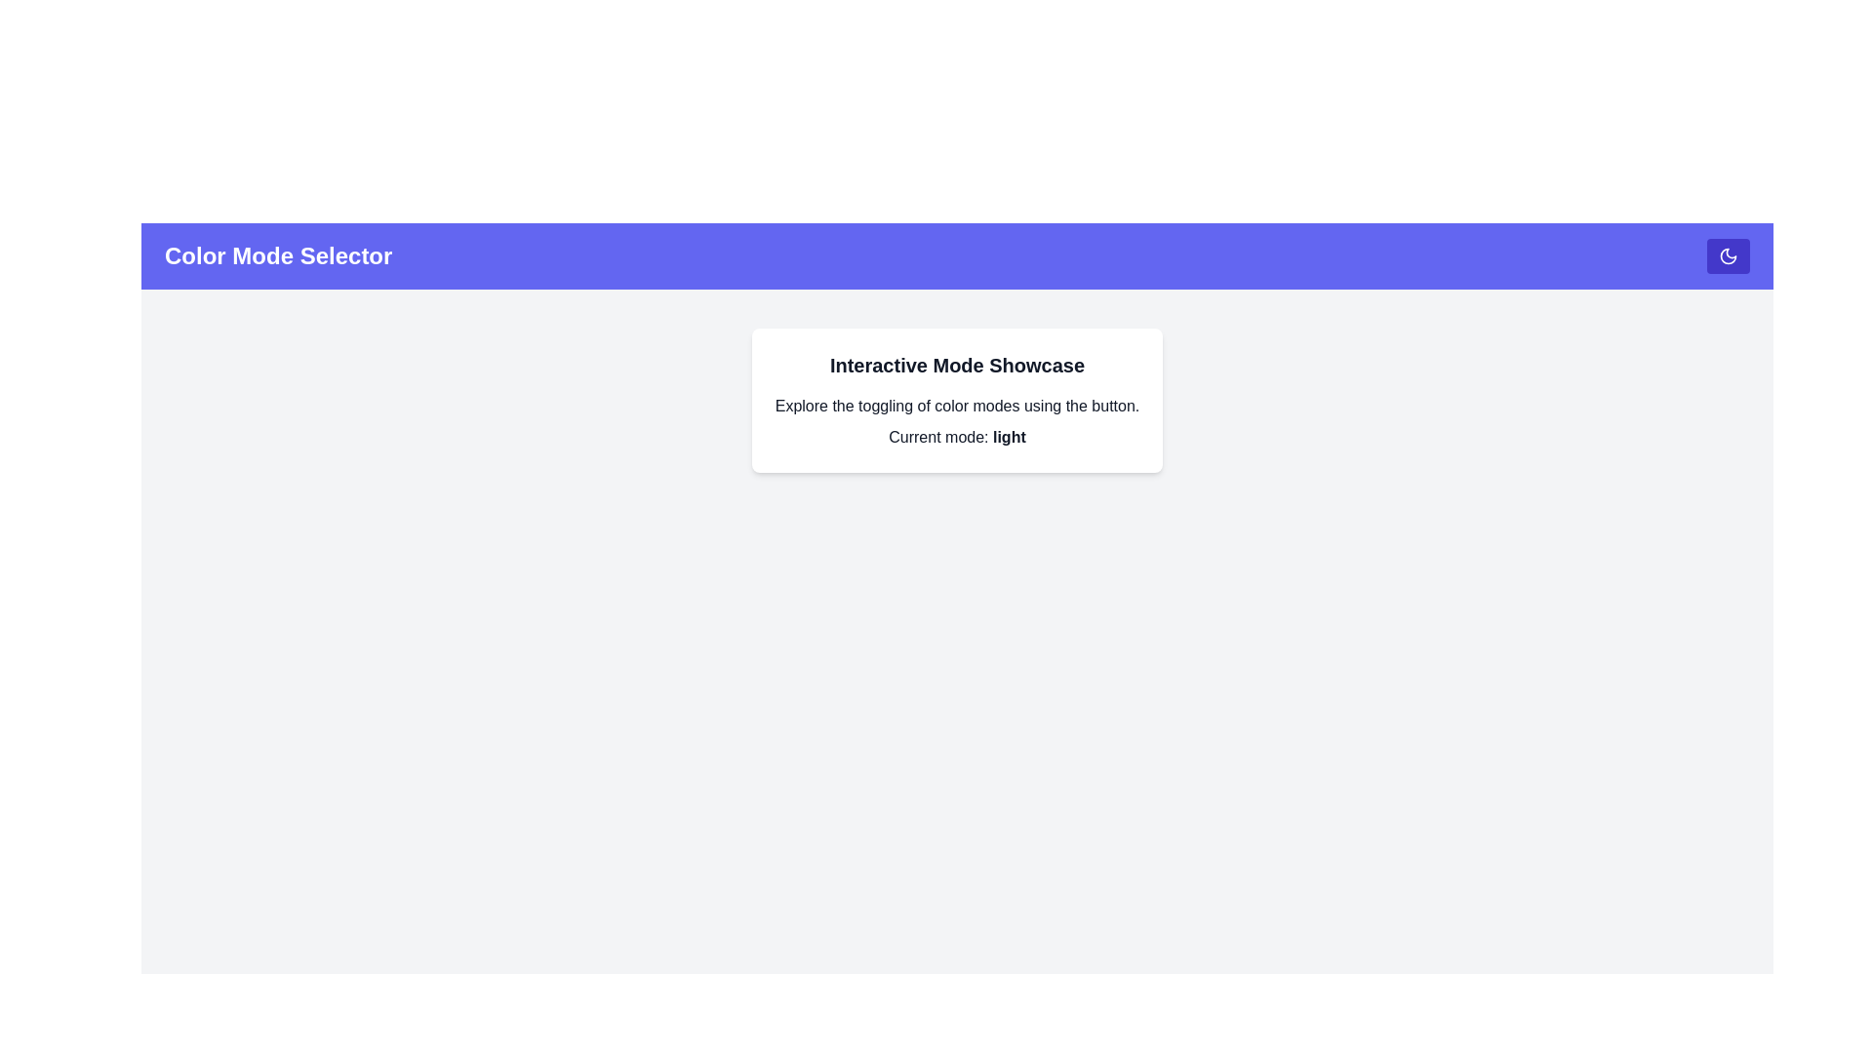 The width and height of the screenshot is (1873, 1053). What do you see at coordinates (957, 420) in the screenshot?
I see `the Text block that provides information about the toggle feature for color modes, currently set to 'light', located below the 'Interactive Mode Showcase' text` at bounding box center [957, 420].